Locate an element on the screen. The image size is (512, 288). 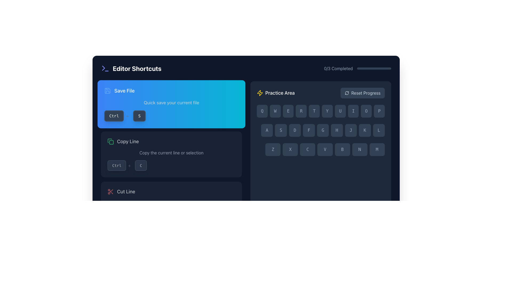
the button labeled 'F' in the horizontal row of buttons from 'A' to 'L' is located at coordinates (322, 130).